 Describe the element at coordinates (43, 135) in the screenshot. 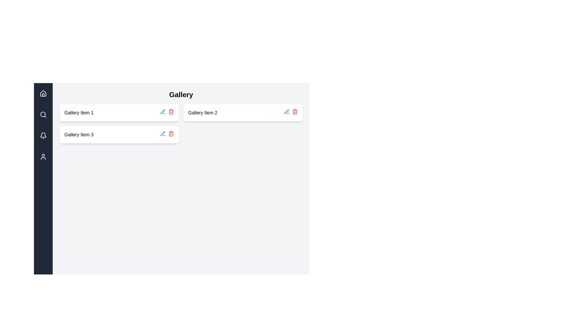

I see `the outlined bell icon located as the third icon in the vertical menu of the application's left sidebar` at that location.